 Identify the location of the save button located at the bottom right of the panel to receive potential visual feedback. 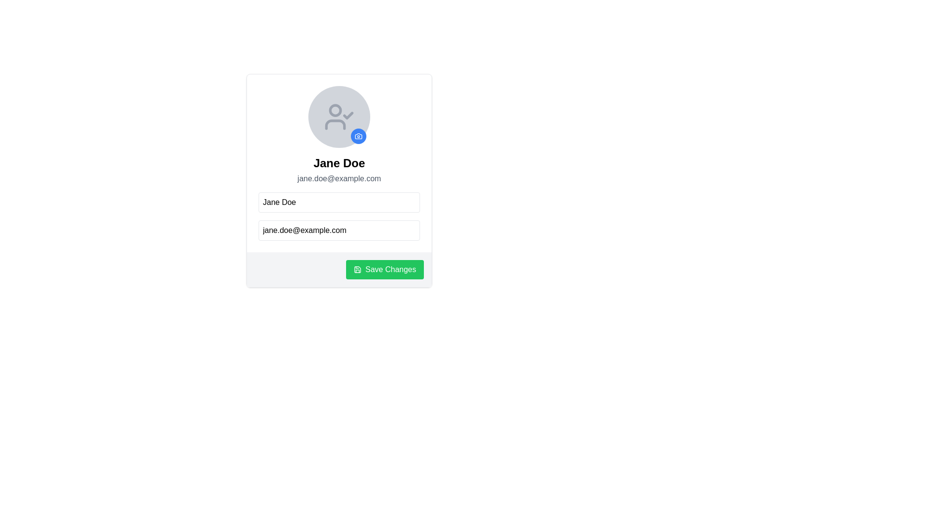
(384, 270).